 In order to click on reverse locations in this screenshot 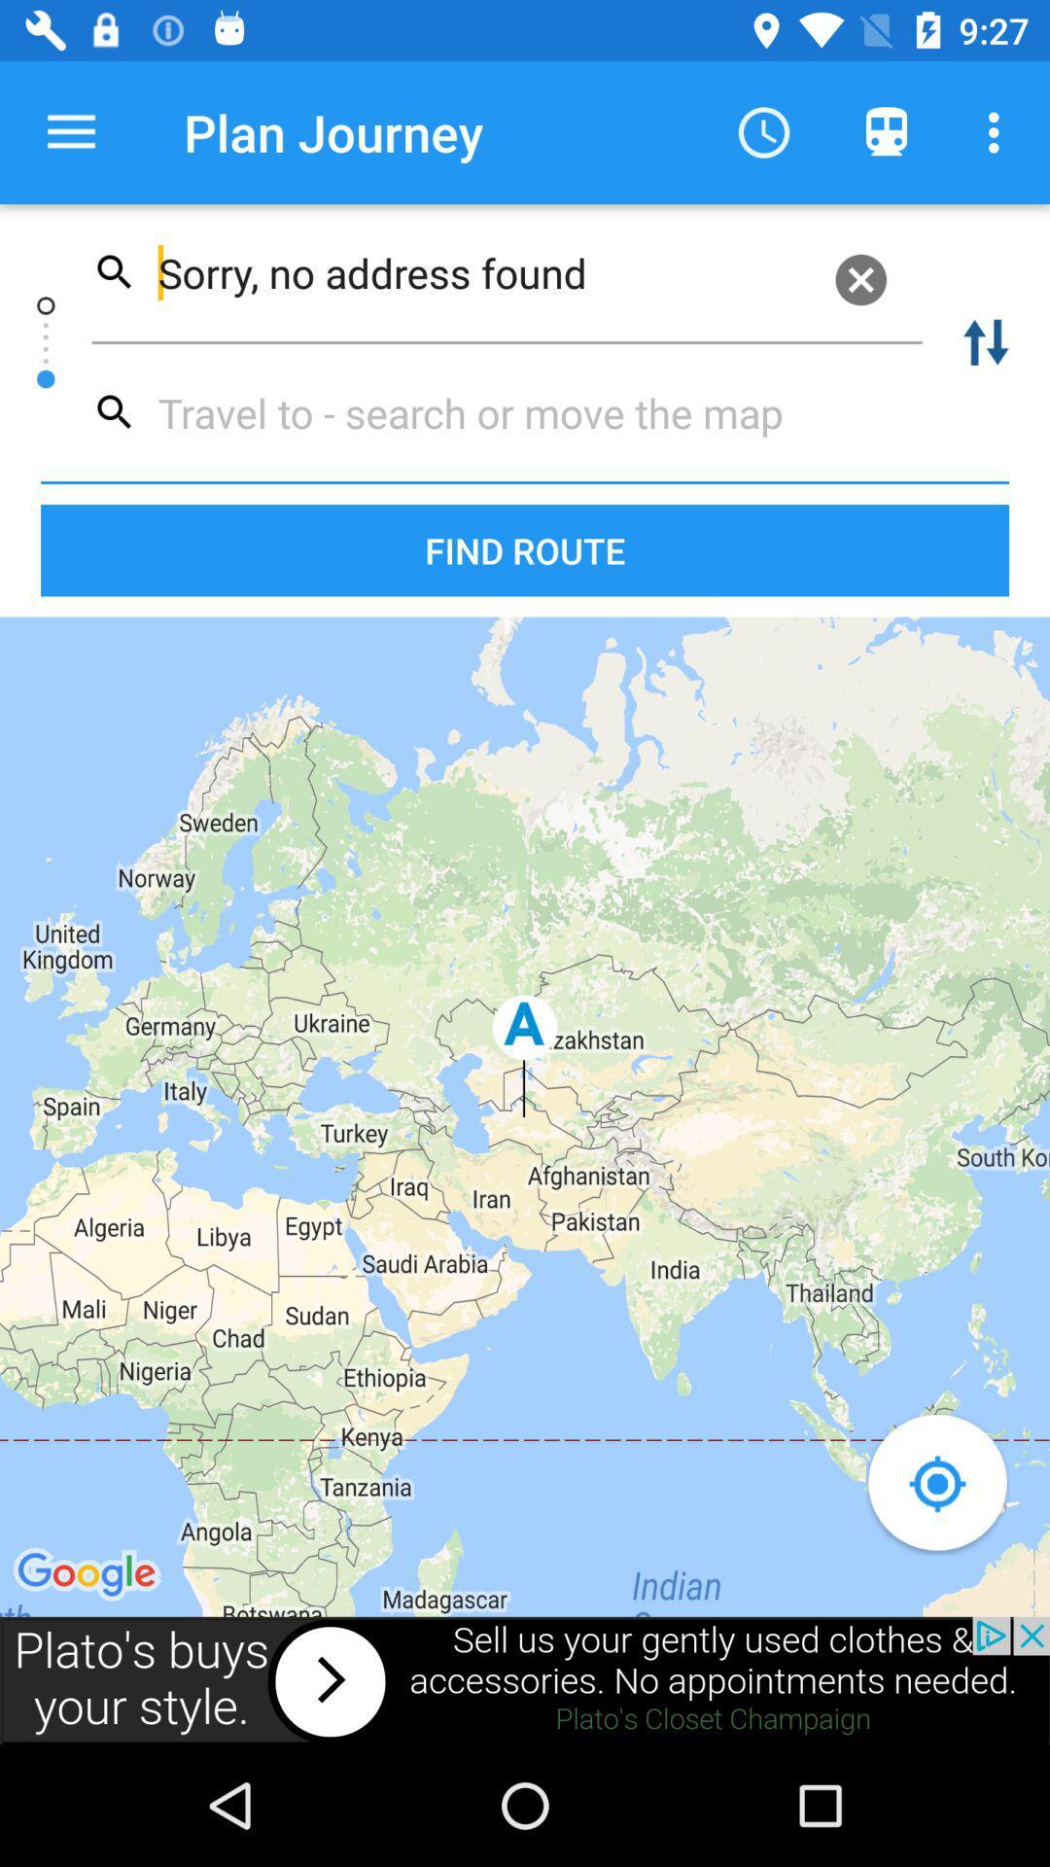, I will do `click(986, 342)`.